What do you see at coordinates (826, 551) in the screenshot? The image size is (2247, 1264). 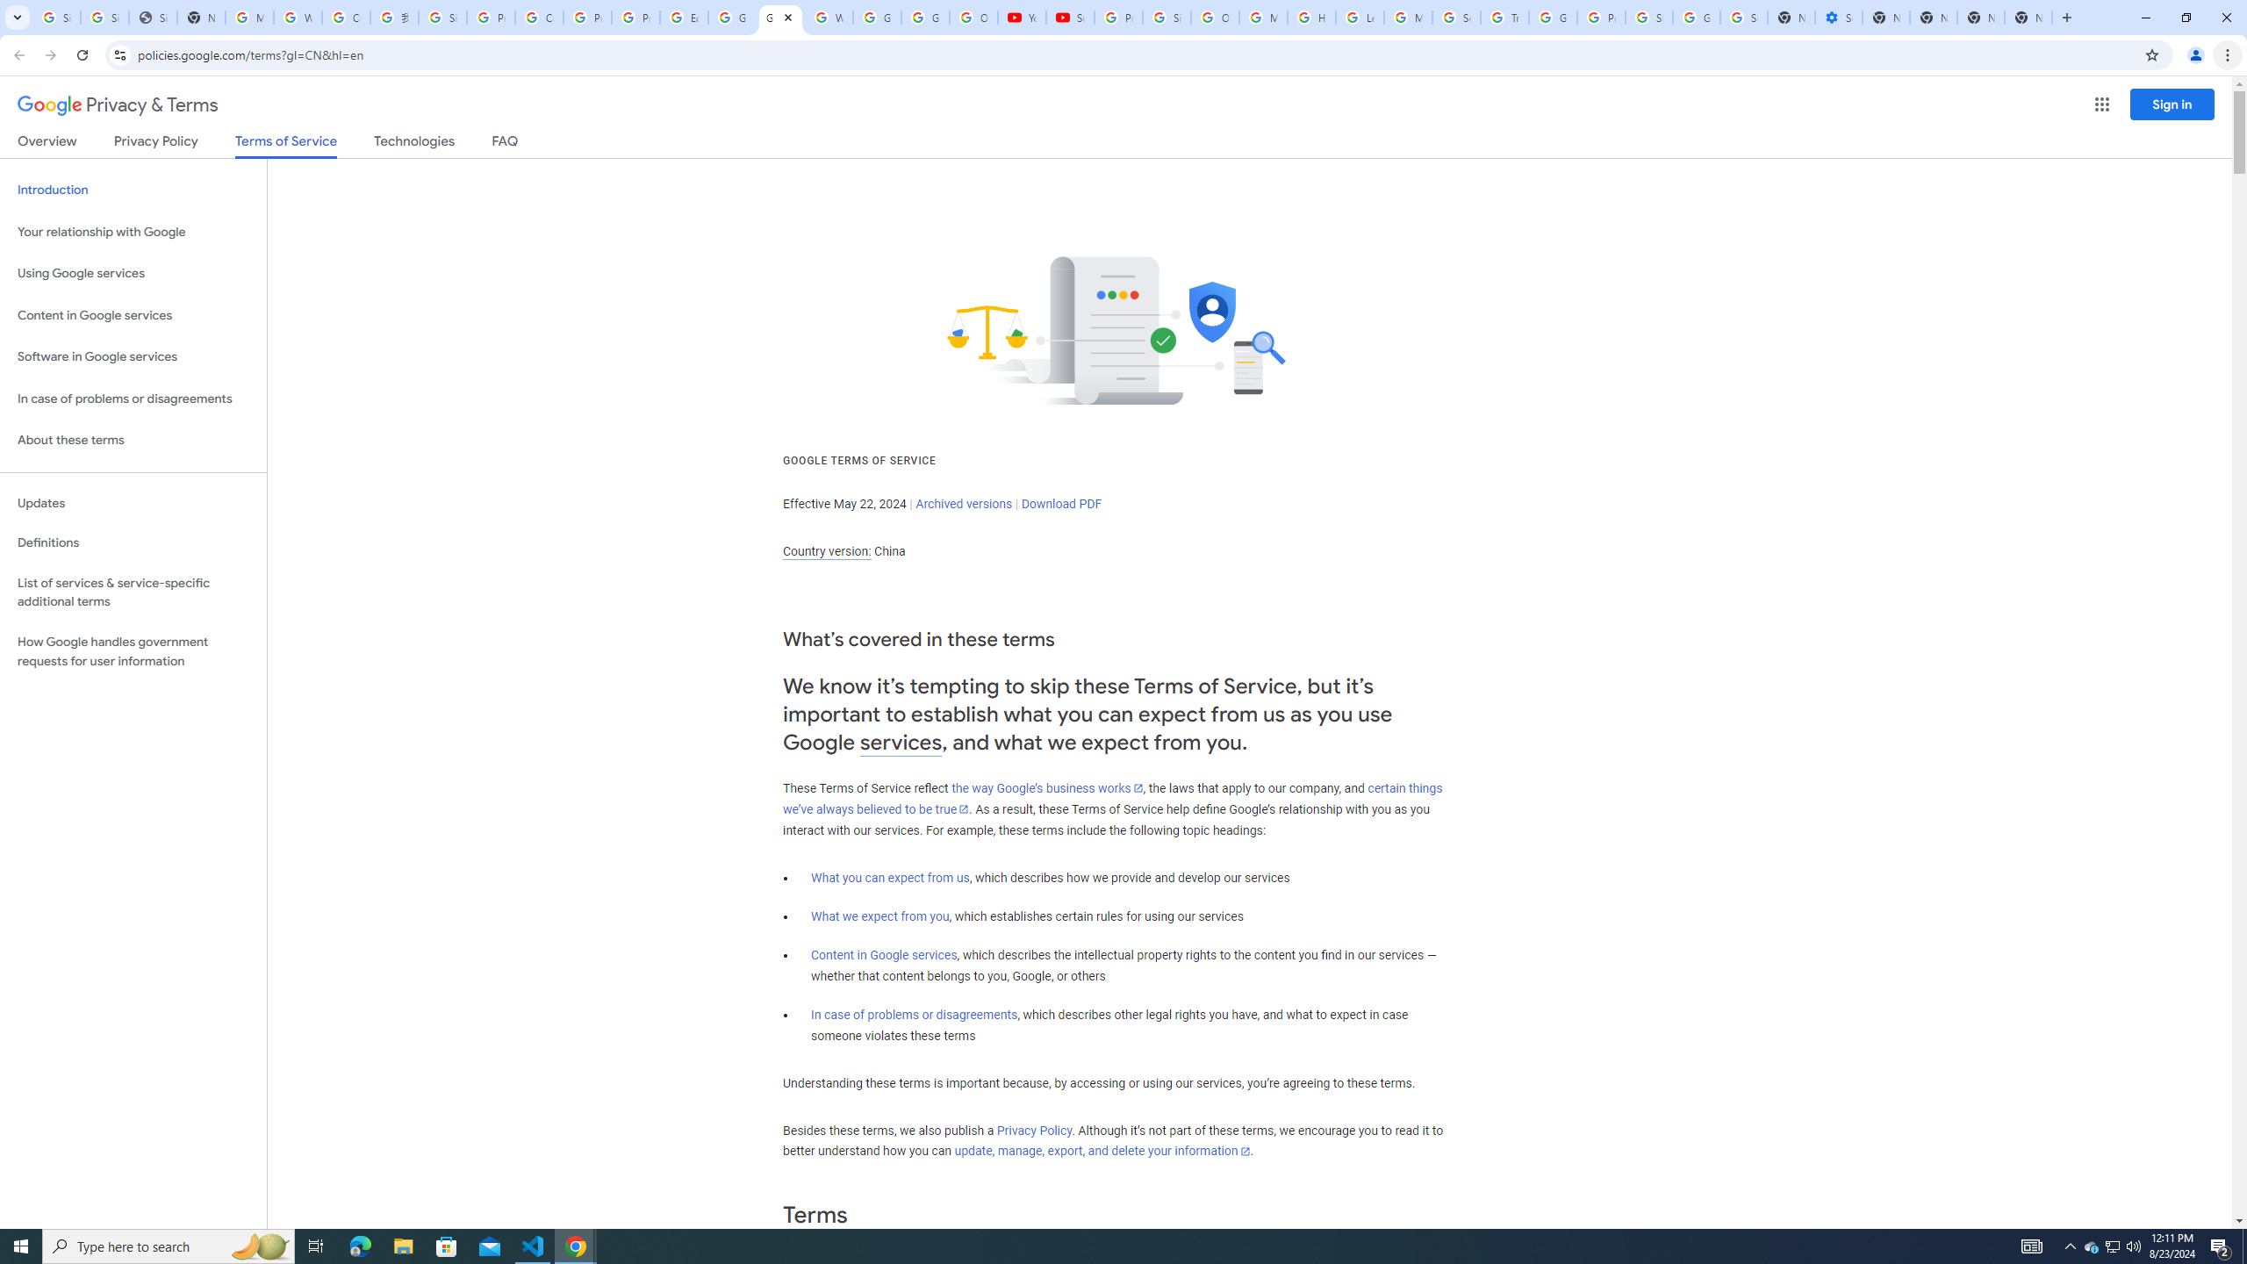 I see `'Country version:'` at bounding box center [826, 551].